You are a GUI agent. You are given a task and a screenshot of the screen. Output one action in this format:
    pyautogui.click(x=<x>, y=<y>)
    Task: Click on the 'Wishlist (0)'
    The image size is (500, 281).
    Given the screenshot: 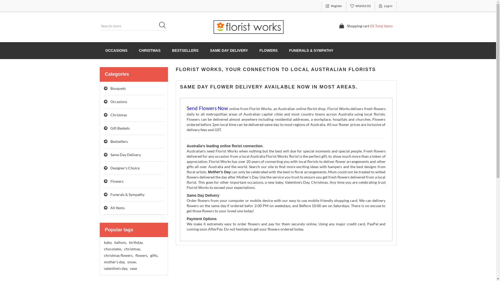 What is the action you would take?
    pyautogui.click(x=360, y=6)
    